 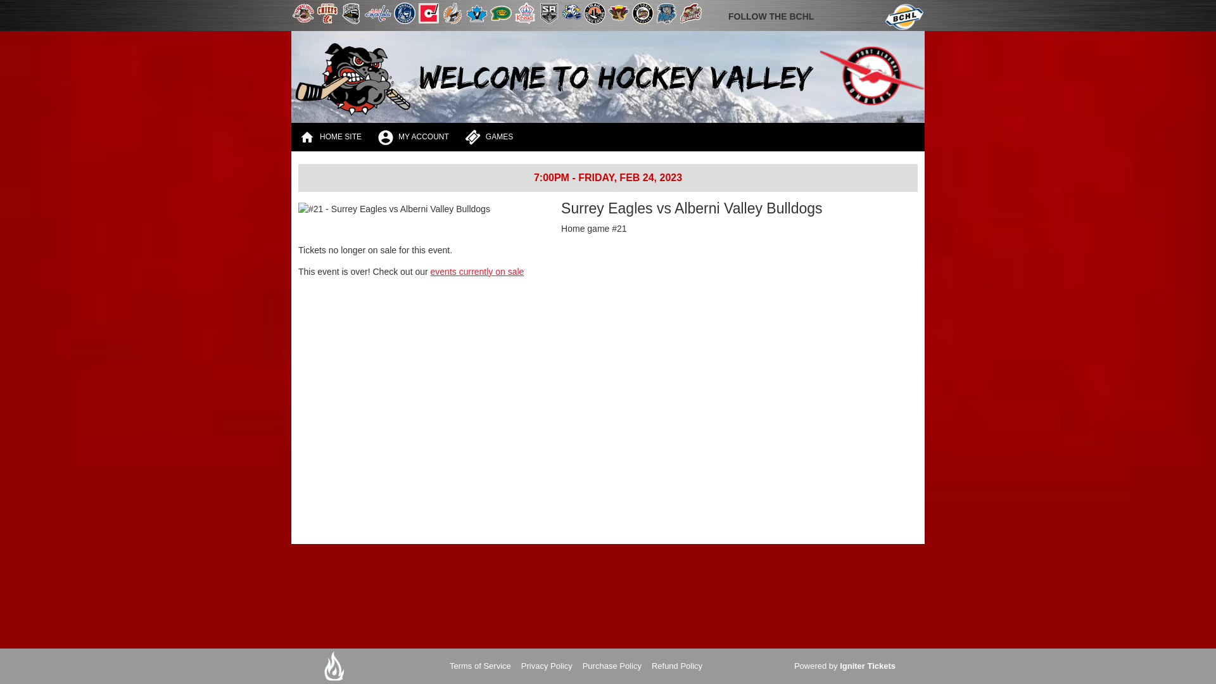 I want to click on 'Privacy Policy', so click(x=547, y=666).